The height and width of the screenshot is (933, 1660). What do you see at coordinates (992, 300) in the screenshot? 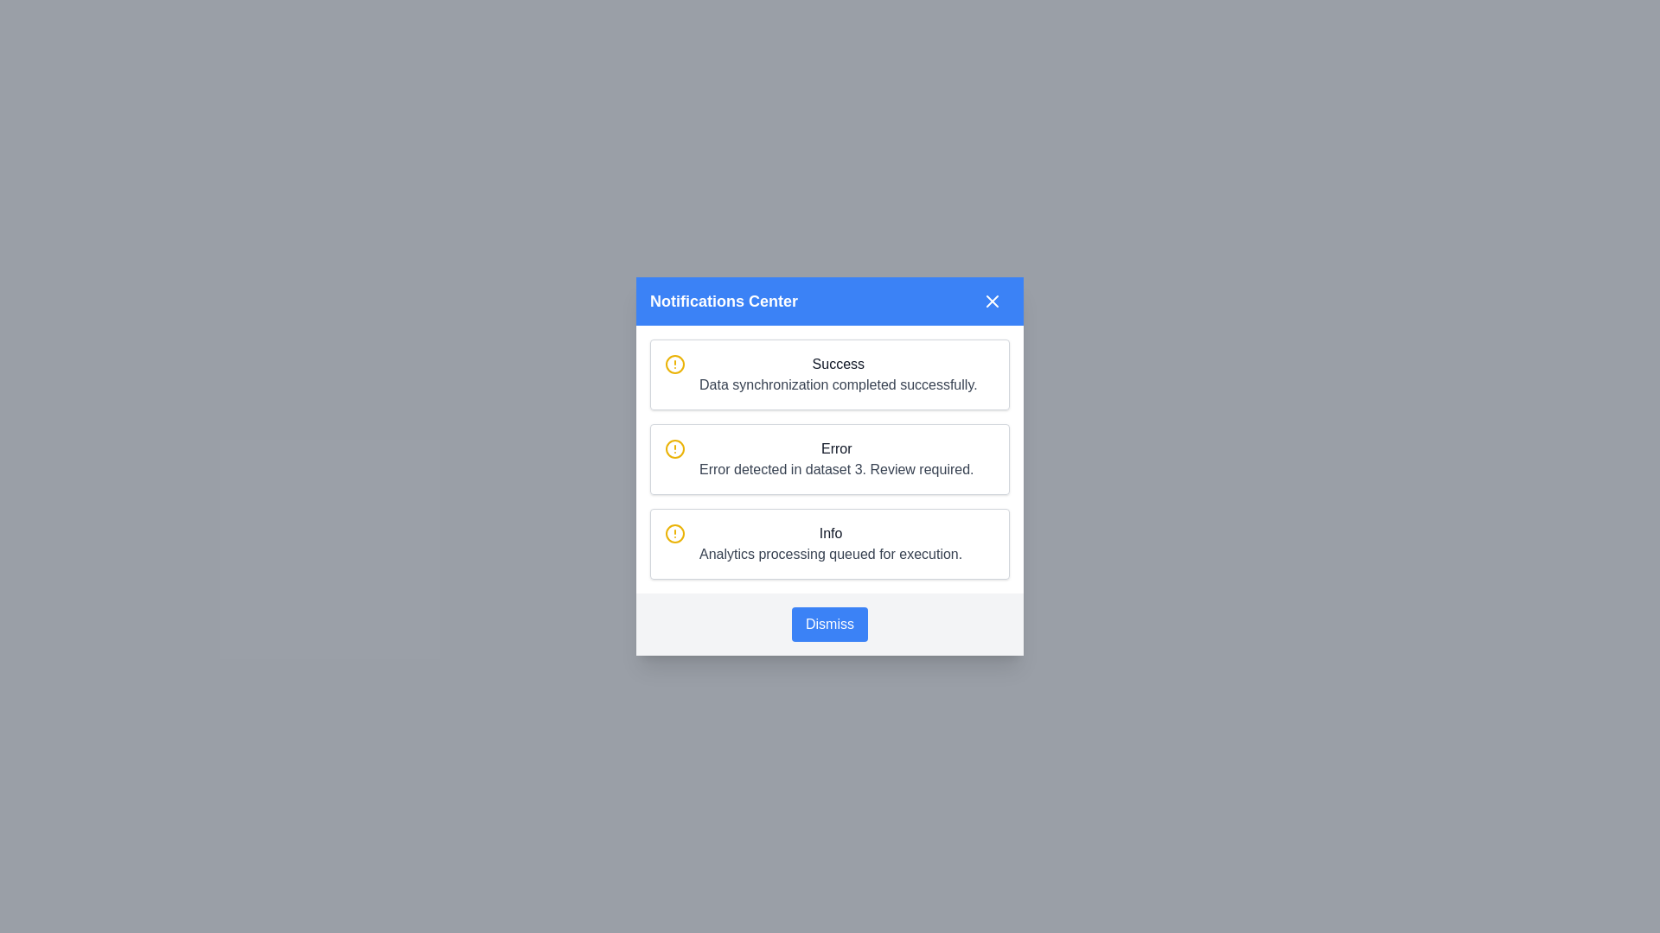
I see `the close button in the header of the notification dialog` at bounding box center [992, 300].